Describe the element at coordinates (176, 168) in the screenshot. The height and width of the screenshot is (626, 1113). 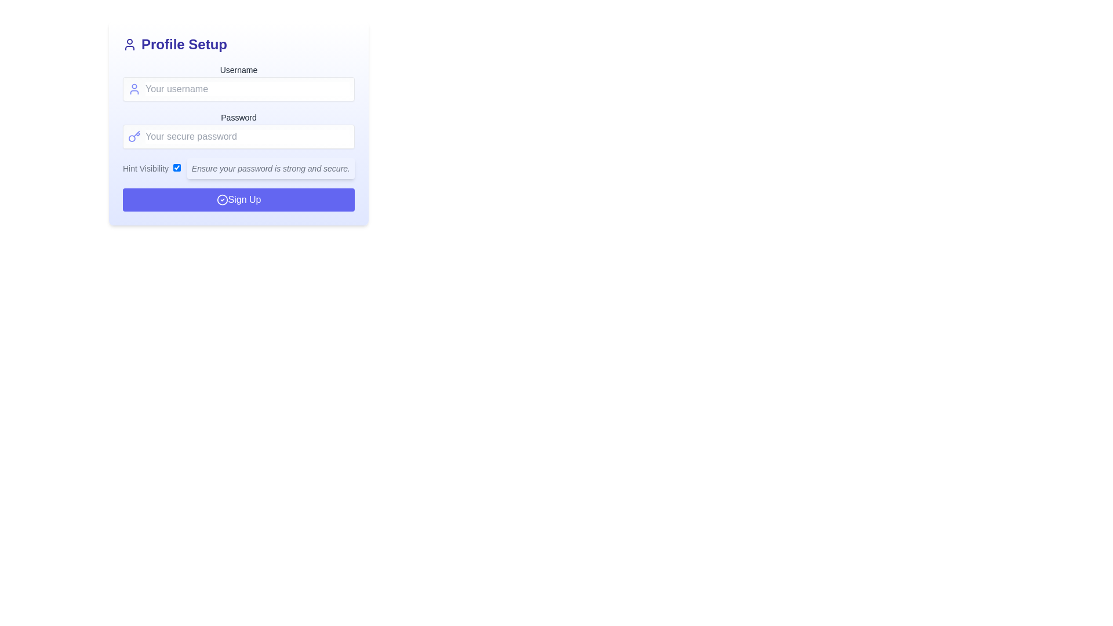
I see `the small, square-shaped checkbox with a light blue focus ring located to the right of the 'Hint Visibility' label` at that location.